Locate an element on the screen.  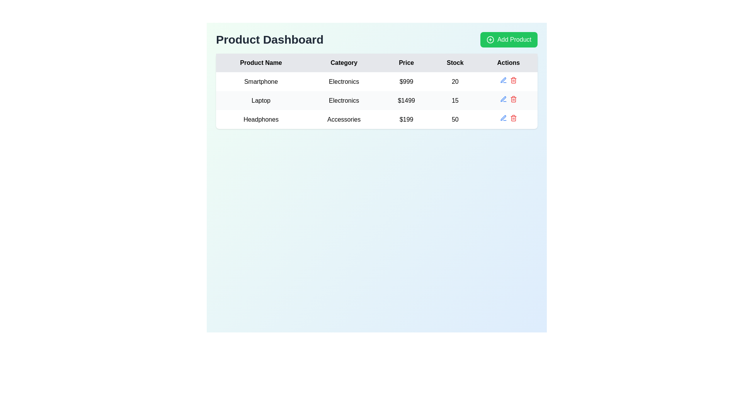
the first row of the product dashboard table that displays 'Smartphone' in the 'Product Name' column is located at coordinates (376, 81).